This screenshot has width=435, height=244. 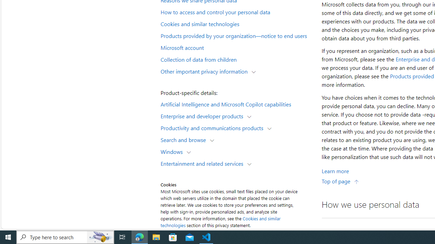 What do you see at coordinates (205, 71) in the screenshot?
I see `'Other important privacy information'` at bounding box center [205, 71].